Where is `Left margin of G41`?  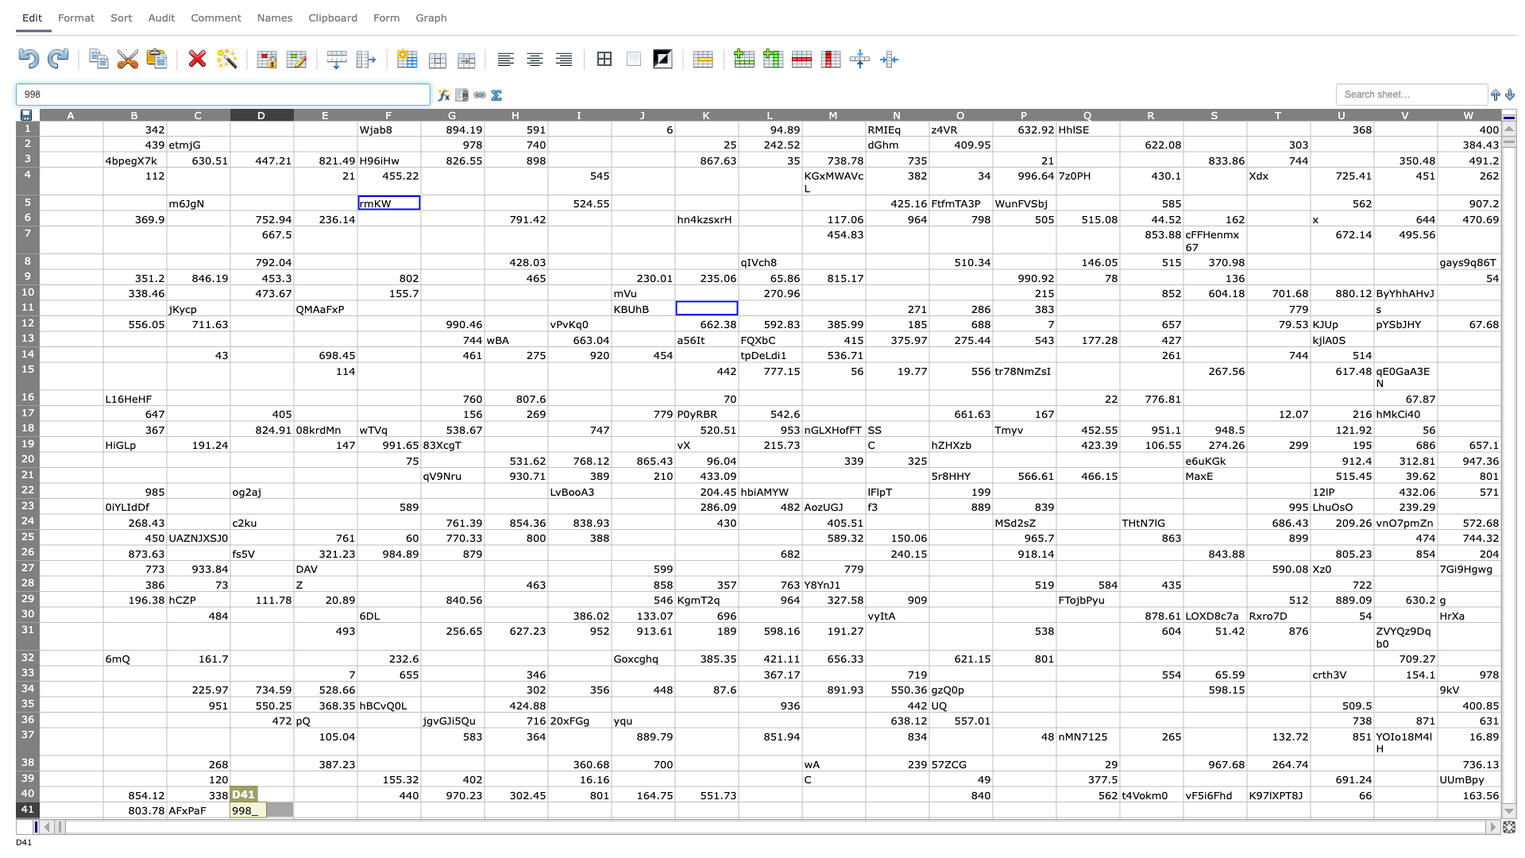
Left margin of G41 is located at coordinates (420, 810).